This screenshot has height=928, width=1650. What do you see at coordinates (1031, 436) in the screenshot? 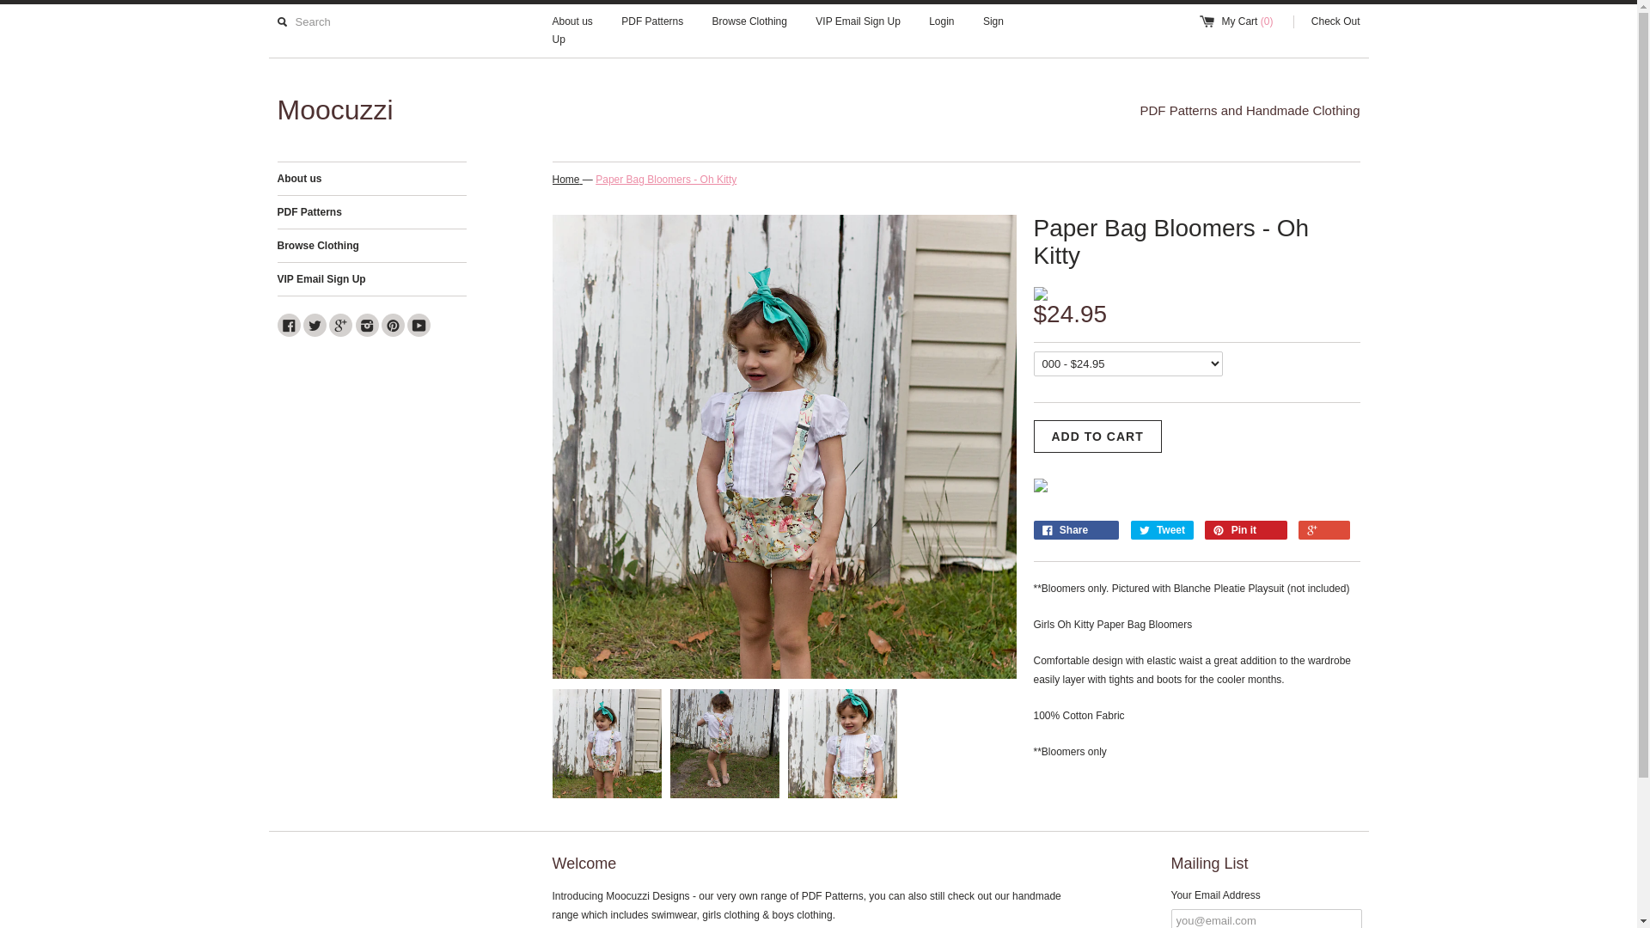
I see `'Add to Cart'` at bounding box center [1031, 436].